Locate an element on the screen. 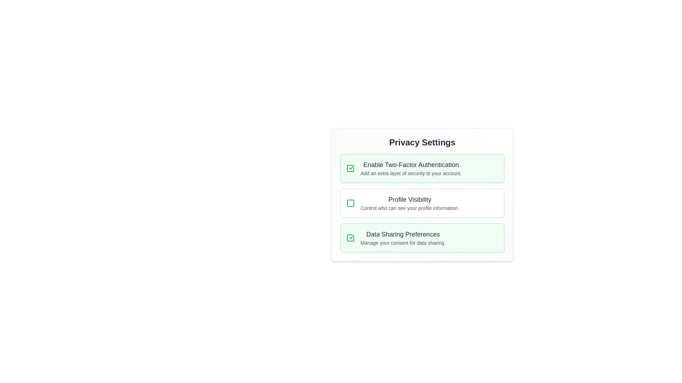 Image resolution: width=682 pixels, height=383 pixels. the text display element that shows 'Profile Visibility' and its description about controlling profile information is located at coordinates (410, 203).